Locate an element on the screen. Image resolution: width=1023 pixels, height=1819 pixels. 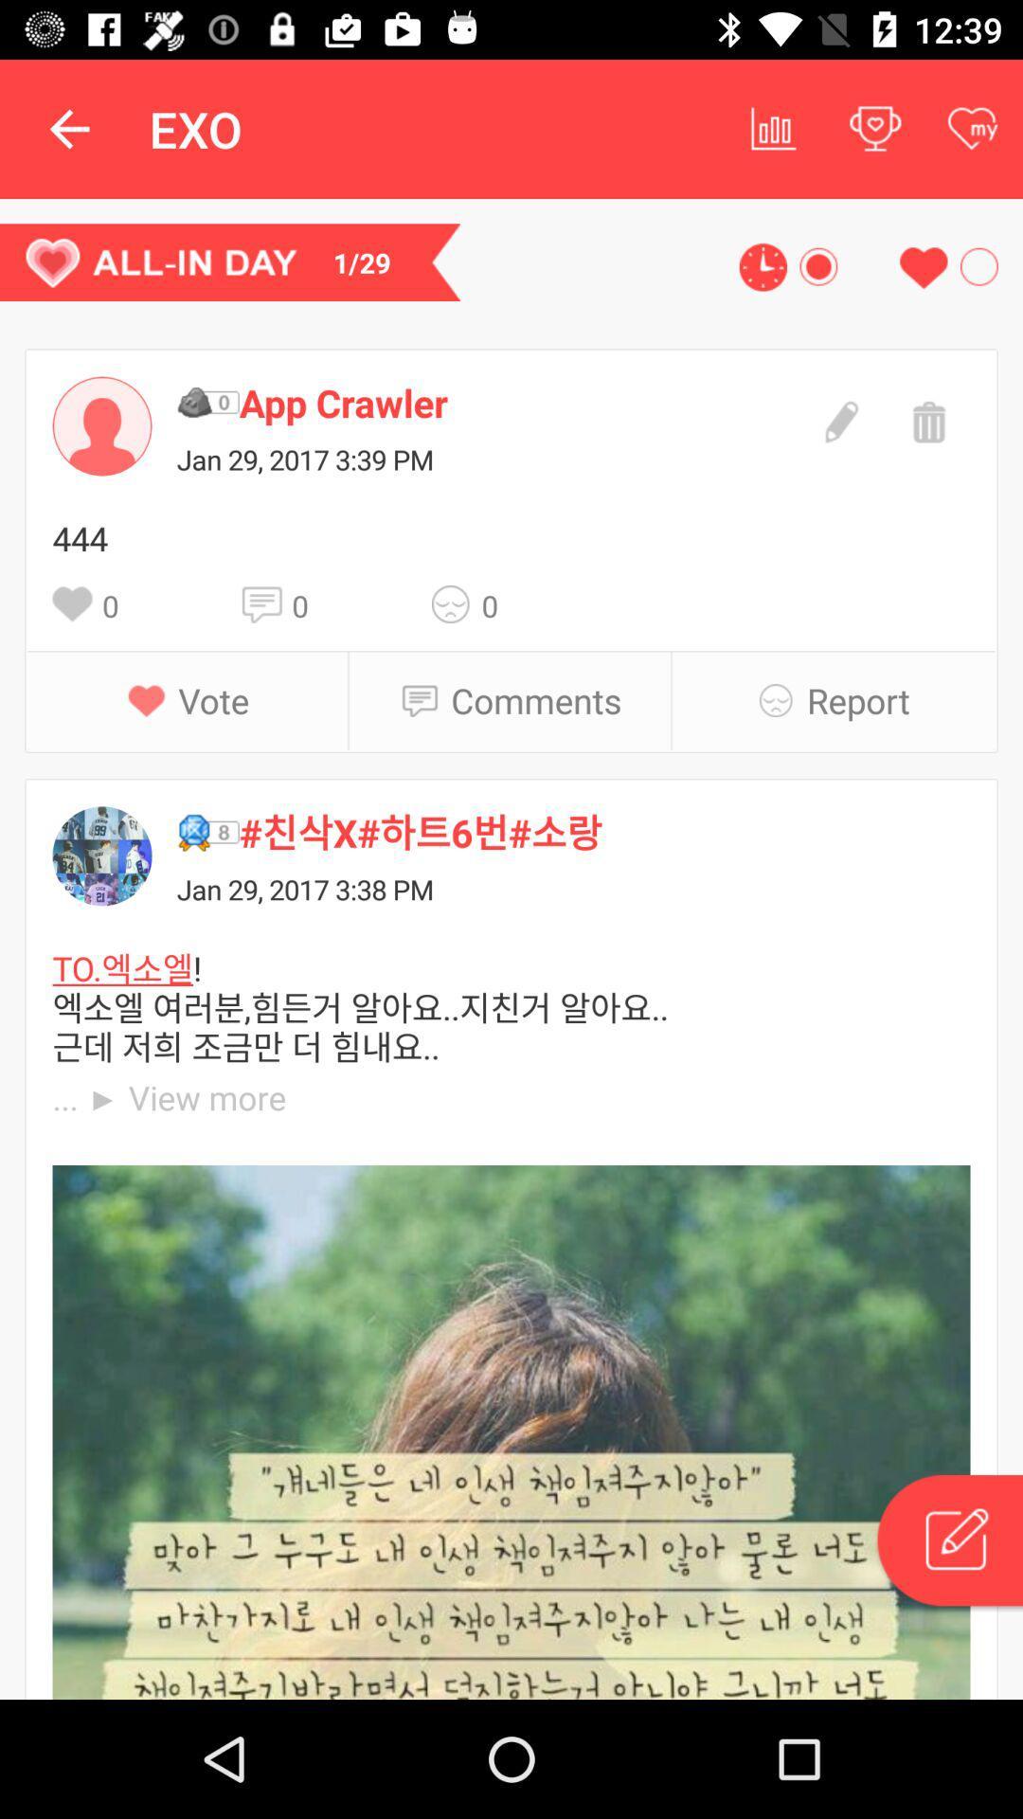
profile pick is located at coordinates (102, 425).